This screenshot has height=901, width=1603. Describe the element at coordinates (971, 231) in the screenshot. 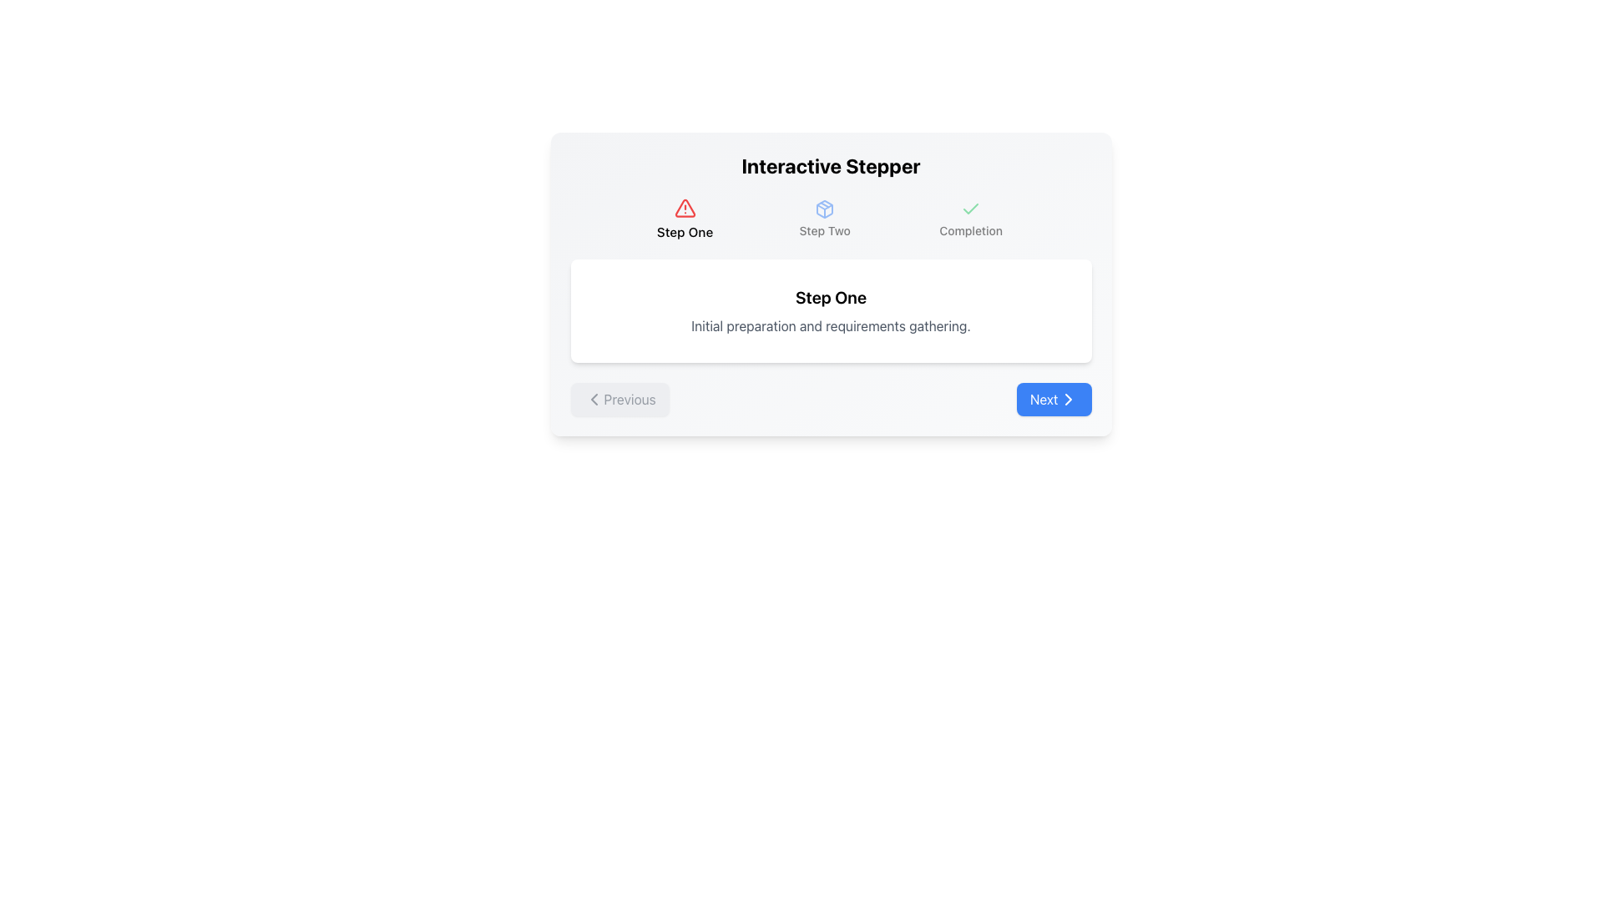

I see `the 'Completion' text label in the stepper interface, which indicates the title of the last step and is located under a checkmark icon` at that location.